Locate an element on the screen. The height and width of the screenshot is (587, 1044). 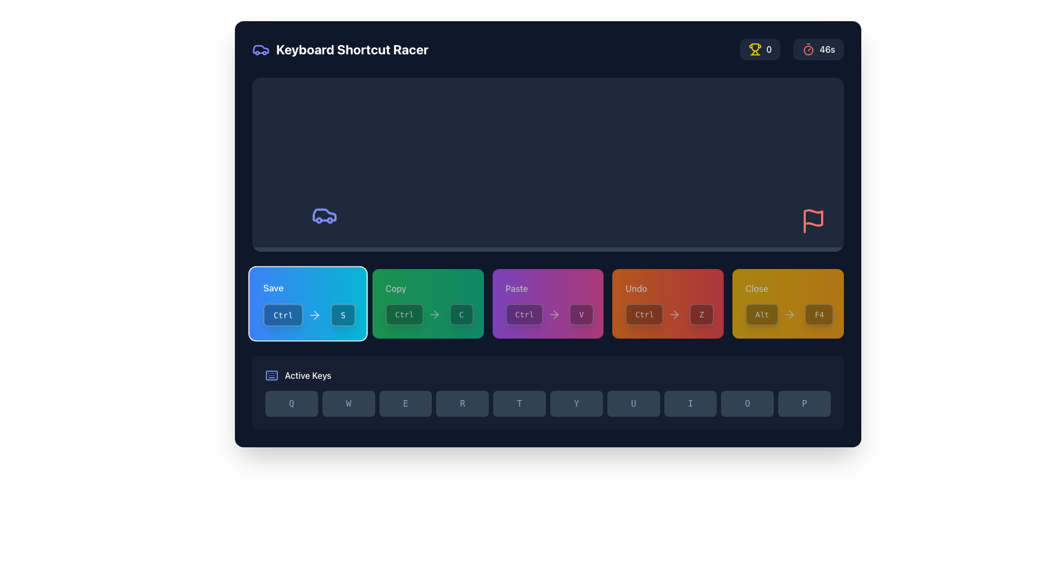
the Shortcut visualization component featuring the 'Ctrl' button, rightward arrow icon, and 'V' button, located in the bottom row of the interface within the 'Paste' section of the gradient button bar is located at coordinates (548, 314).